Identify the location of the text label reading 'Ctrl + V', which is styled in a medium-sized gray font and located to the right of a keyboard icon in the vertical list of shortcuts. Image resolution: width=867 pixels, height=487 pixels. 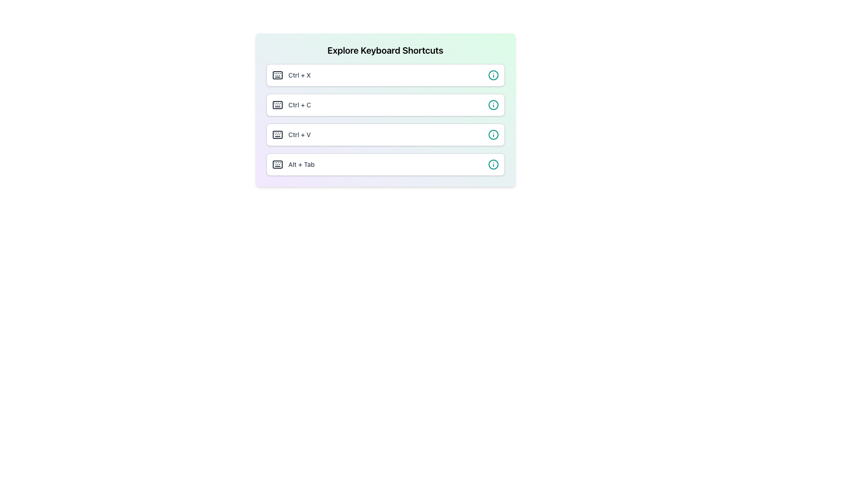
(299, 135).